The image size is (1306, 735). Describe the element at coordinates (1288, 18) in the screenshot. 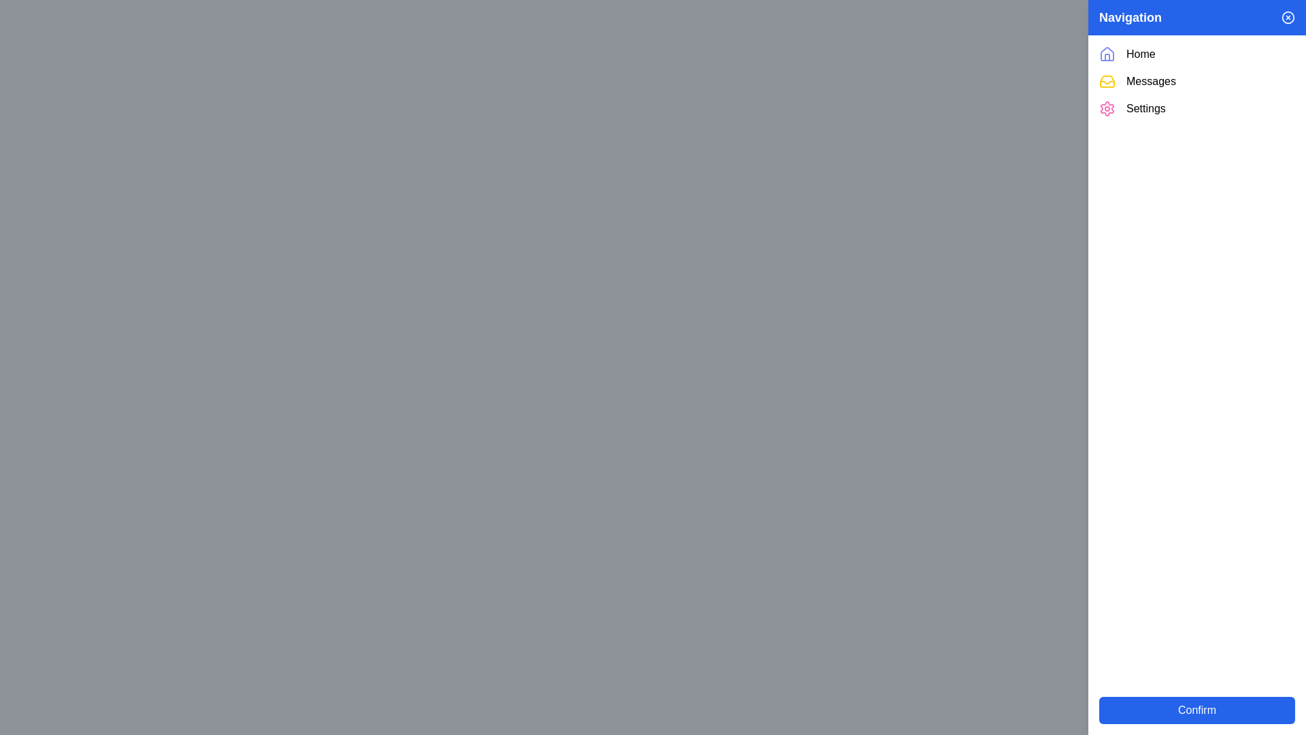

I see `the circular close icon located in the top-right corner of the navigation sidebar` at that location.